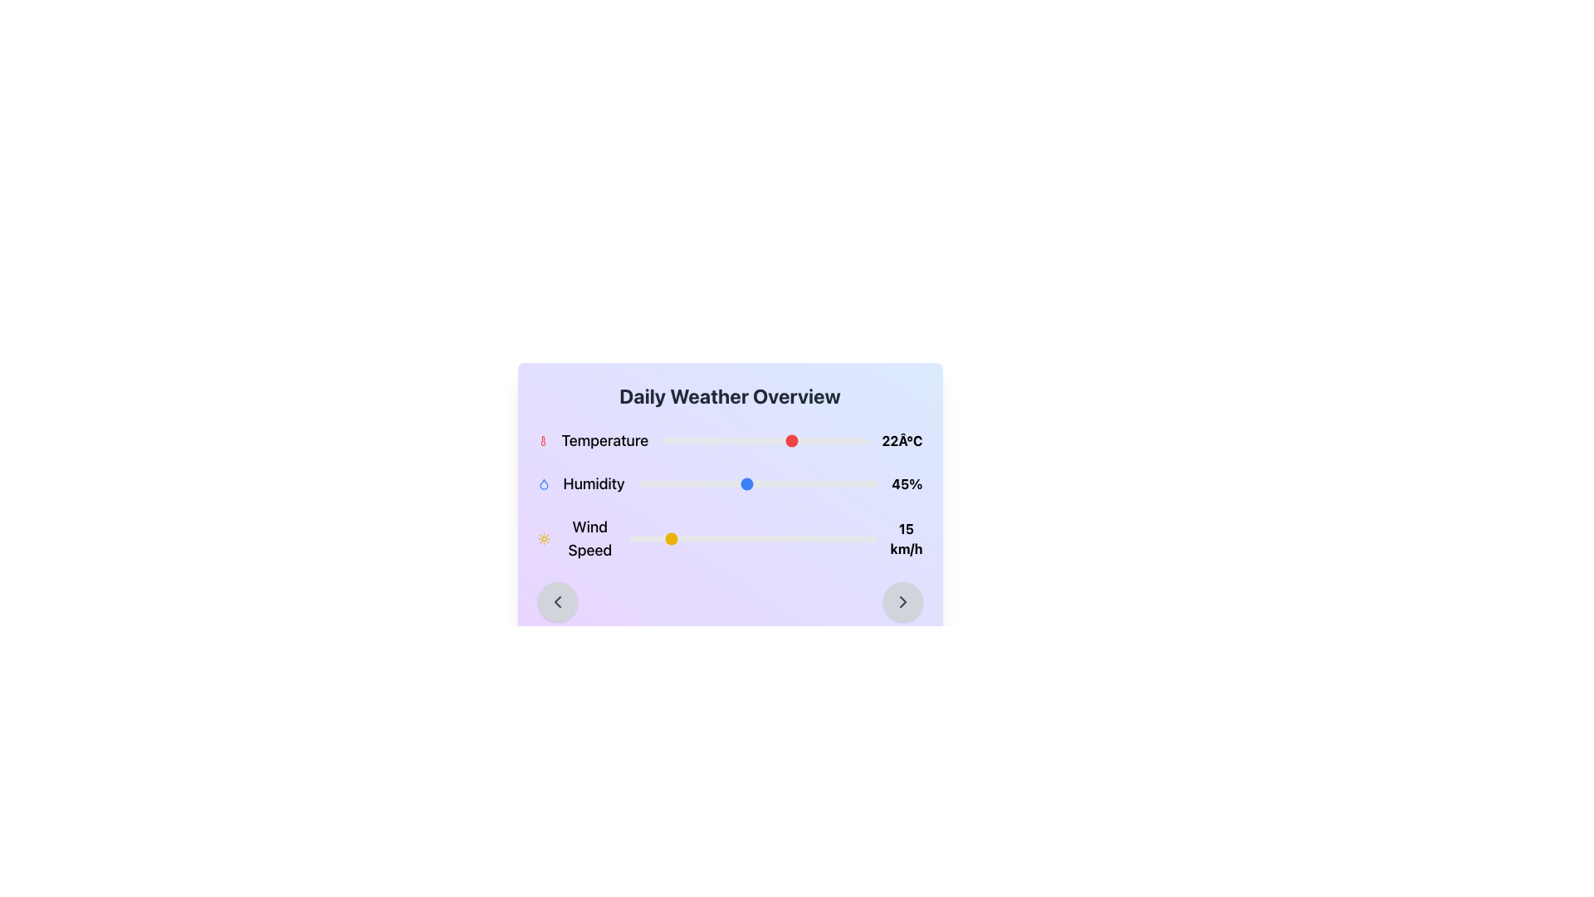  I want to click on the temperature icon in the weather widget, which is the first icon in a vertical list representing temperature, humidity, and wind speed, so click(542, 440).